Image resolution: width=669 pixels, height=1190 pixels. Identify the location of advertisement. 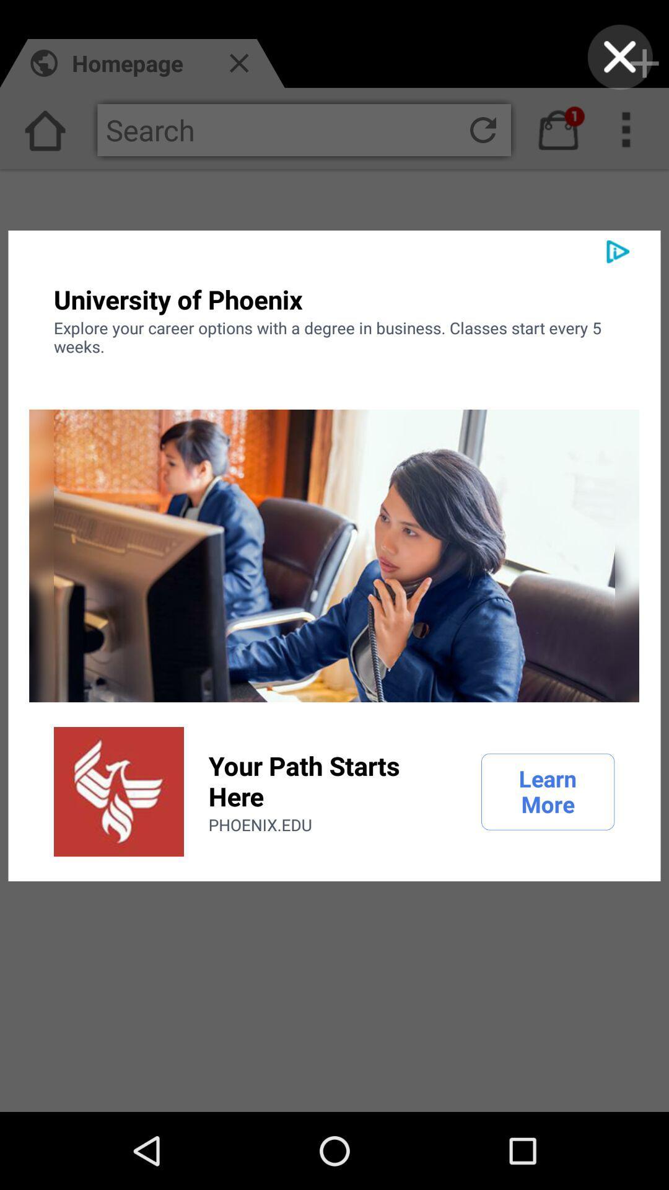
(620, 56).